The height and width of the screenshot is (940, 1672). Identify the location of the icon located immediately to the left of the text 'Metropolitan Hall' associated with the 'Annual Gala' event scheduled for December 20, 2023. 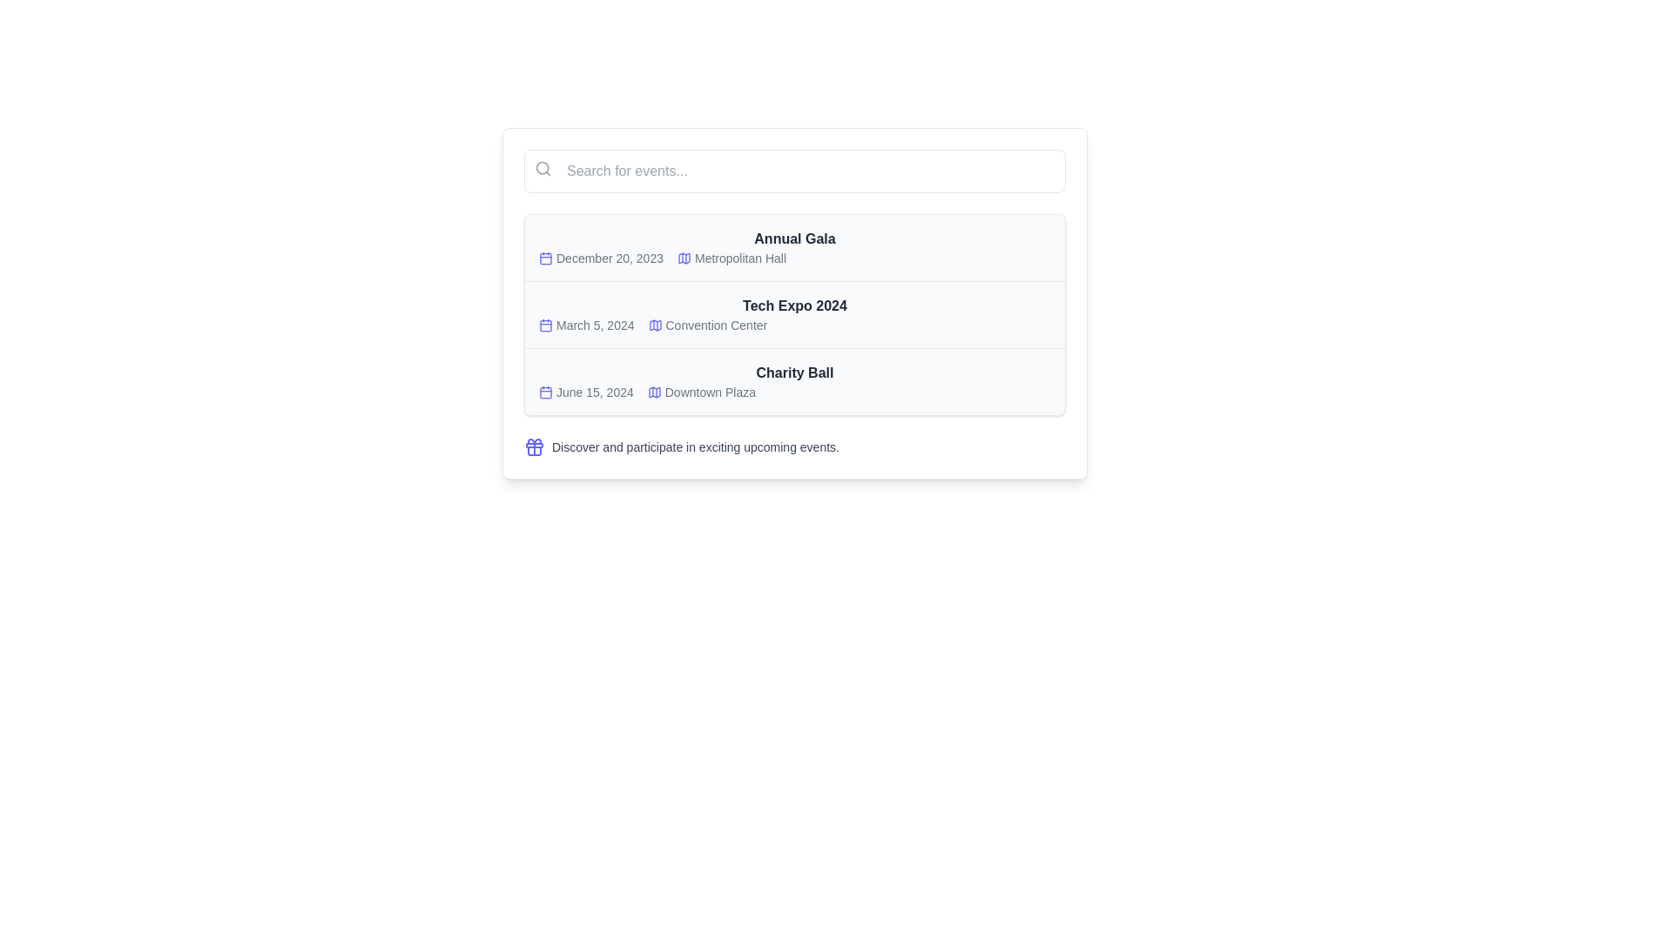
(684, 258).